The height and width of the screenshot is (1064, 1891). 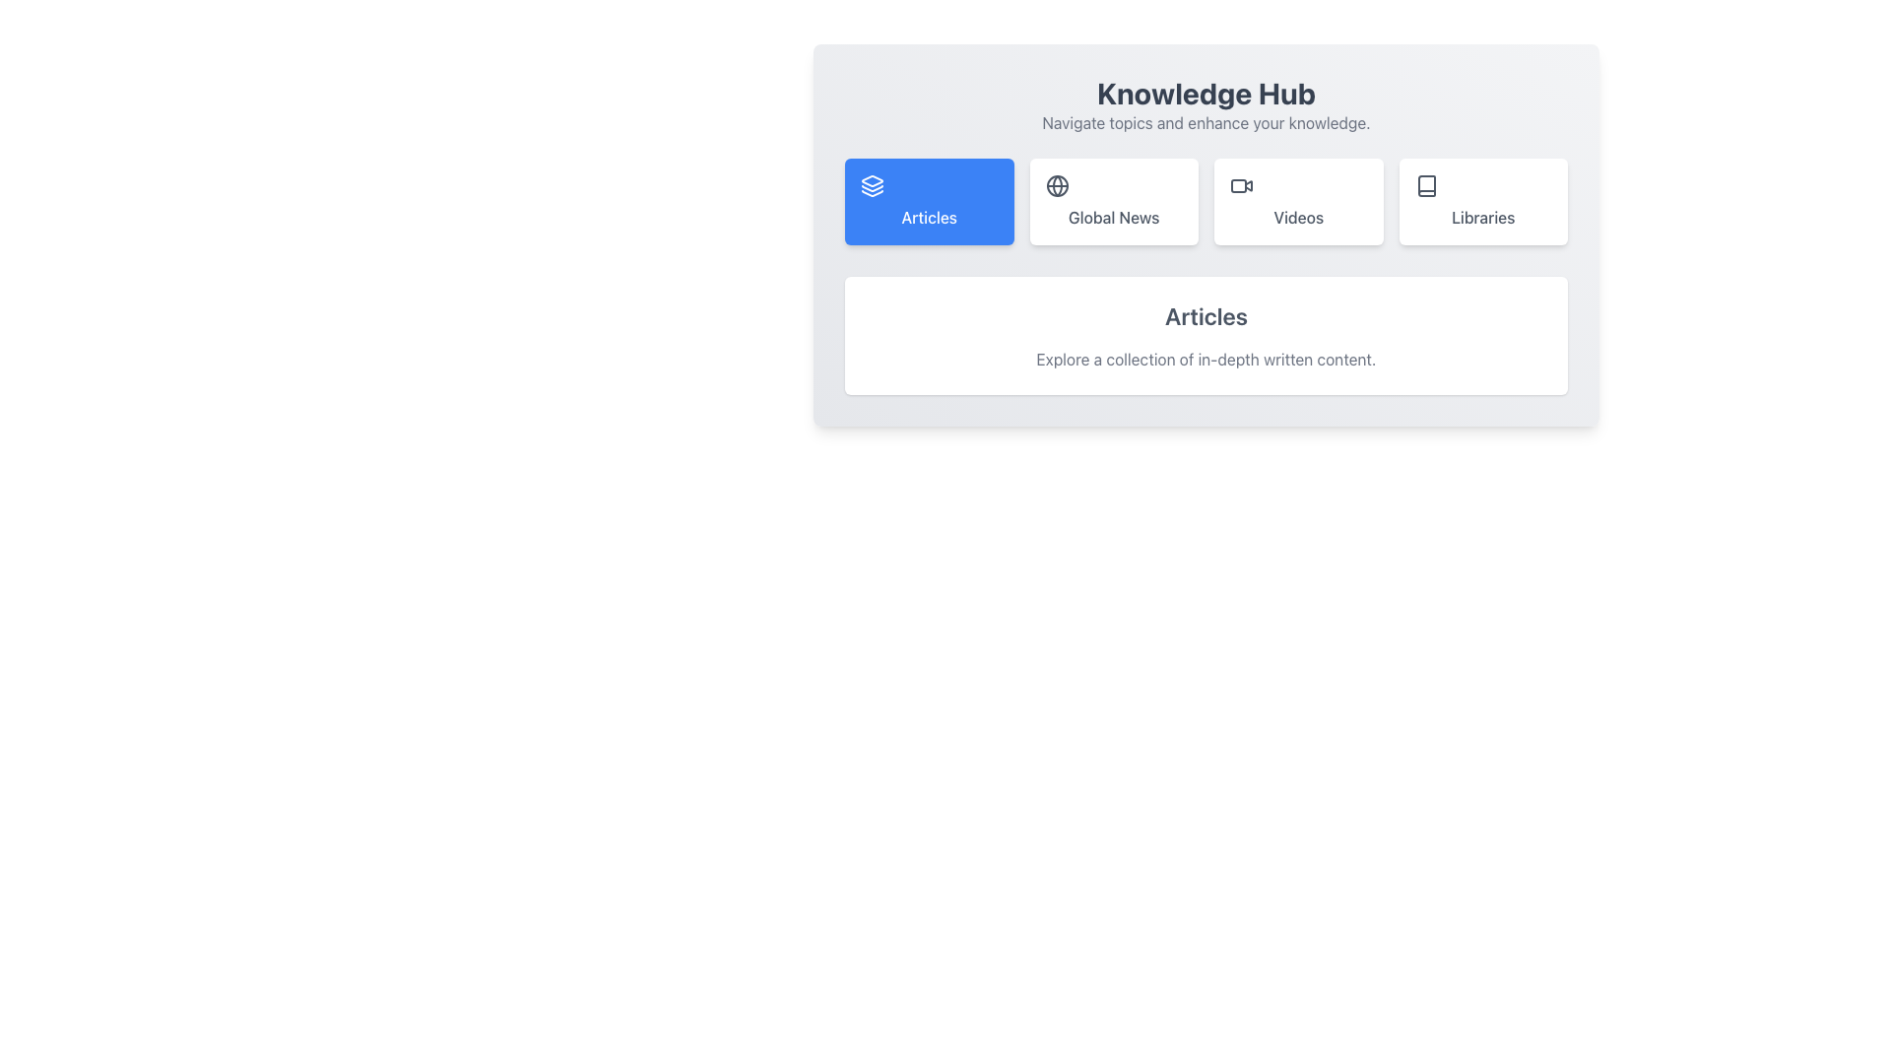 What do you see at coordinates (1237, 186) in the screenshot?
I see `the group containing the rectangular element that represents the base of the video camera icon in the 'Videos' section, located in the third card from the left in the main navigation area` at bounding box center [1237, 186].